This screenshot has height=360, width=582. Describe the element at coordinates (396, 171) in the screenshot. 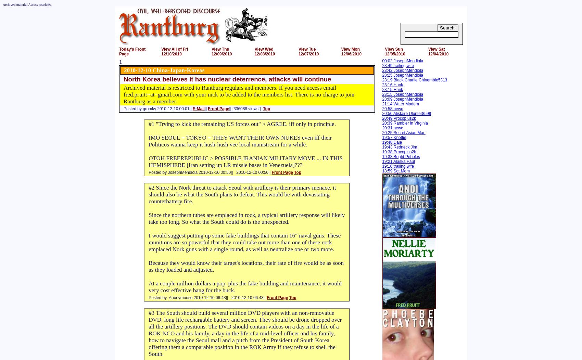

I see `'18:59 Sgt.Mom'` at that location.